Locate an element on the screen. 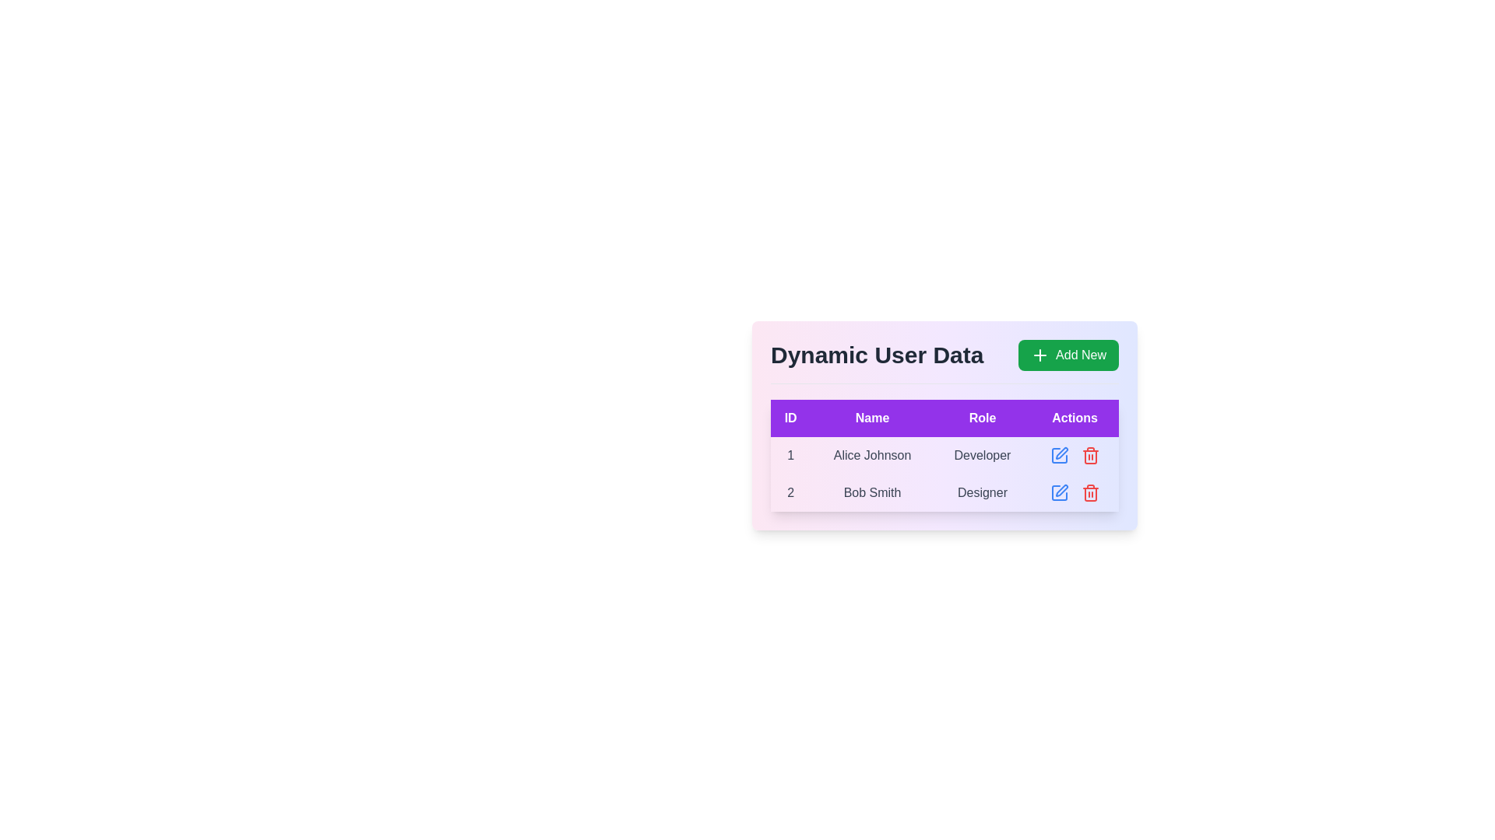 This screenshot has height=840, width=1495. text label 'Add New' which is a white text on a green button in the top right corner of the section displaying 'Dynamic User Data' is located at coordinates (1080, 355).